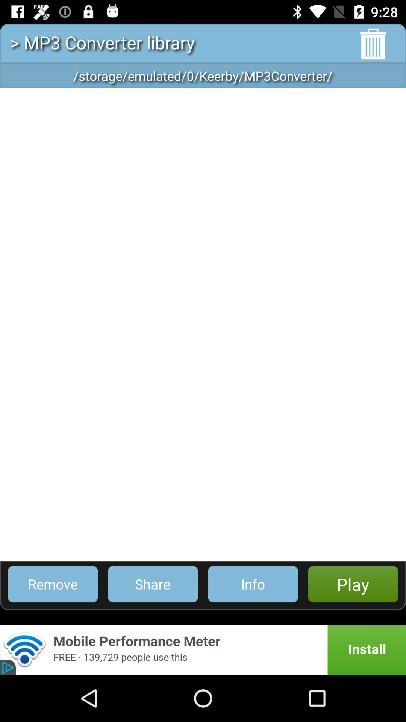 The height and width of the screenshot is (722, 406). Describe the element at coordinates (152, 584) in the screenshot. I see `app to the right of the remove icon` at that location.